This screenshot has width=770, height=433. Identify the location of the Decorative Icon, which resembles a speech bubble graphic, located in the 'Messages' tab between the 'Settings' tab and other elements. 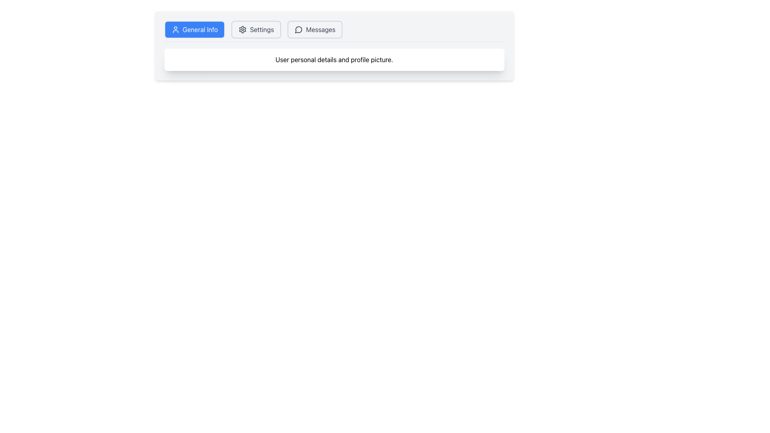
(298, 29).